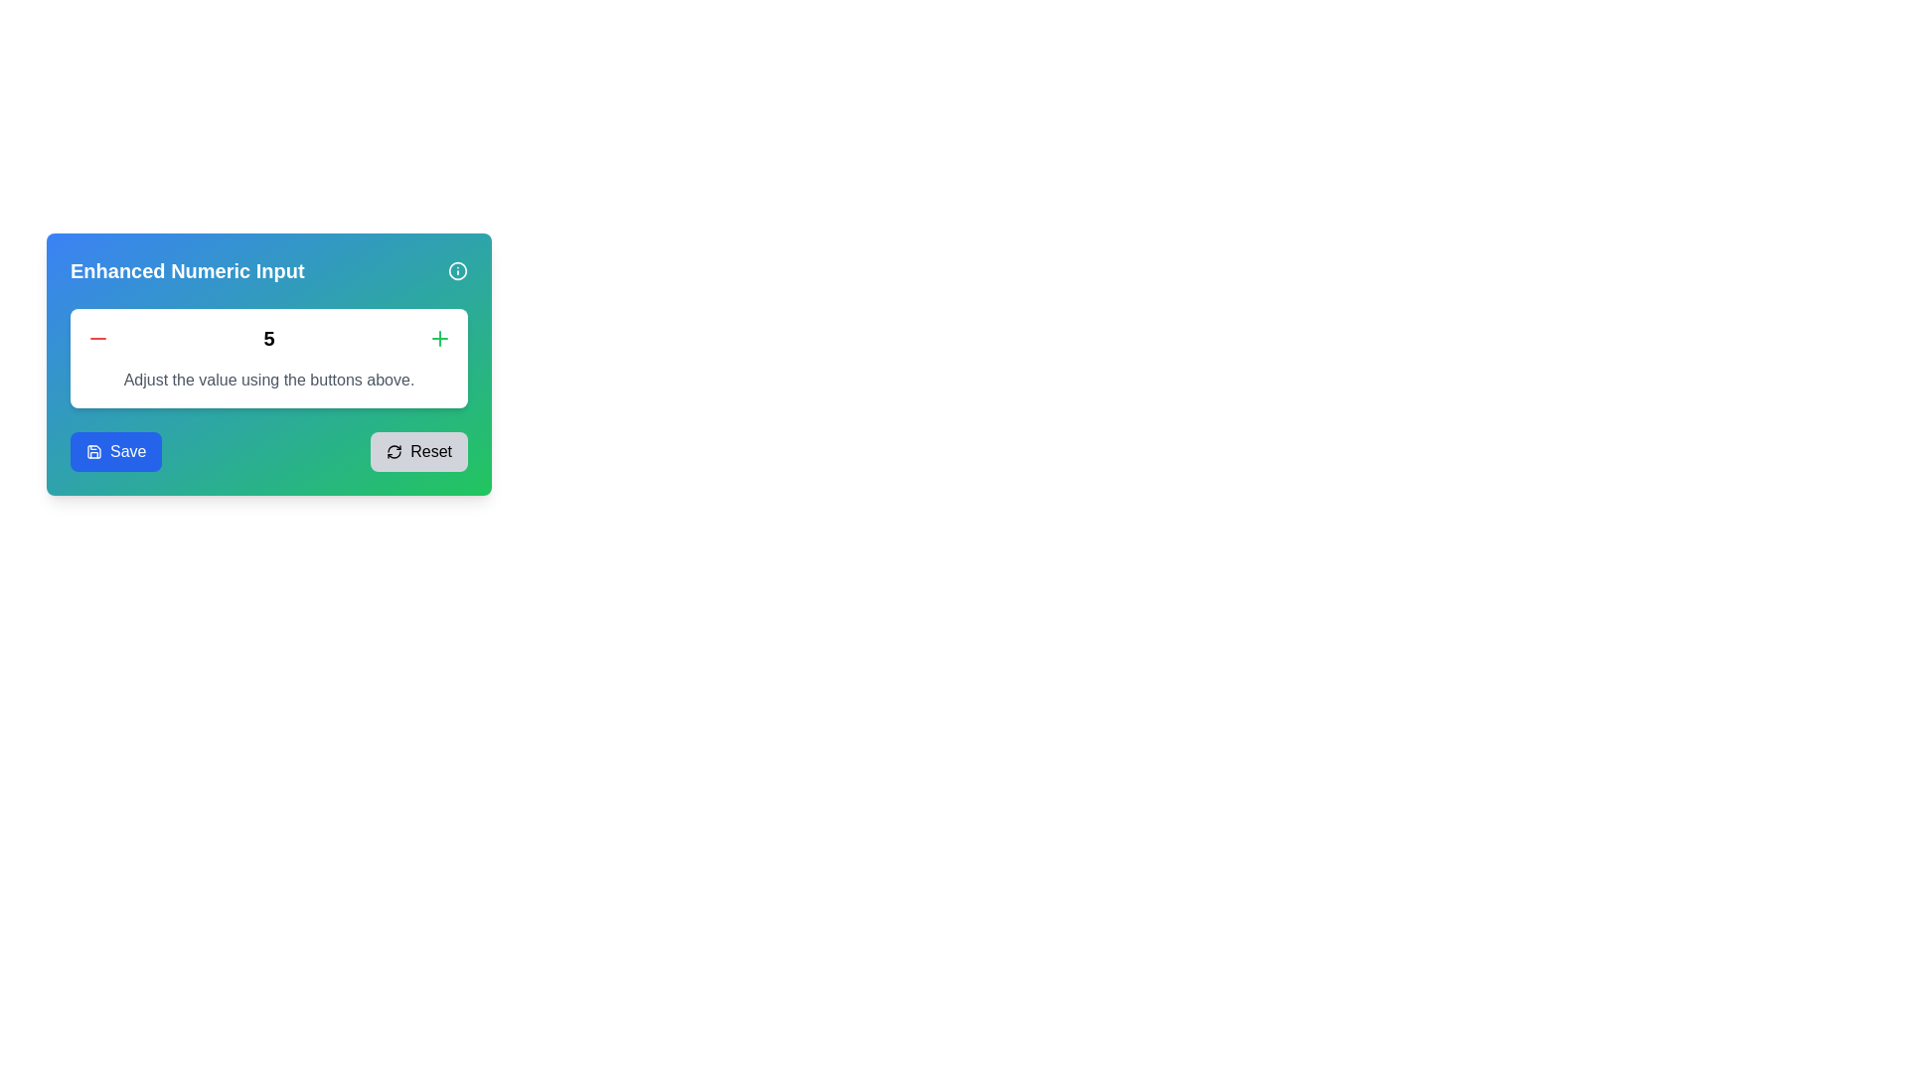 The image size is (1908, 1073). What do you see at coordinates (115, 452) in the screenshot?
I see `the blue 'Save' button with a floppy disk icon located in the lower-left corner of the interface` at bounding box center [115, 452].